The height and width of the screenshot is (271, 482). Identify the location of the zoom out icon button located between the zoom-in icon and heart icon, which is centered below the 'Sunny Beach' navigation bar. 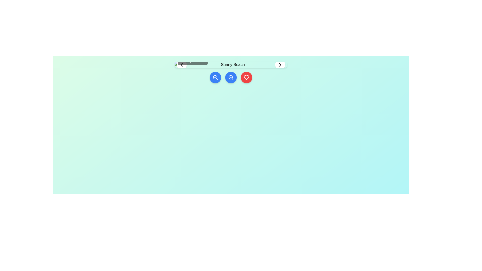
(230, 77).